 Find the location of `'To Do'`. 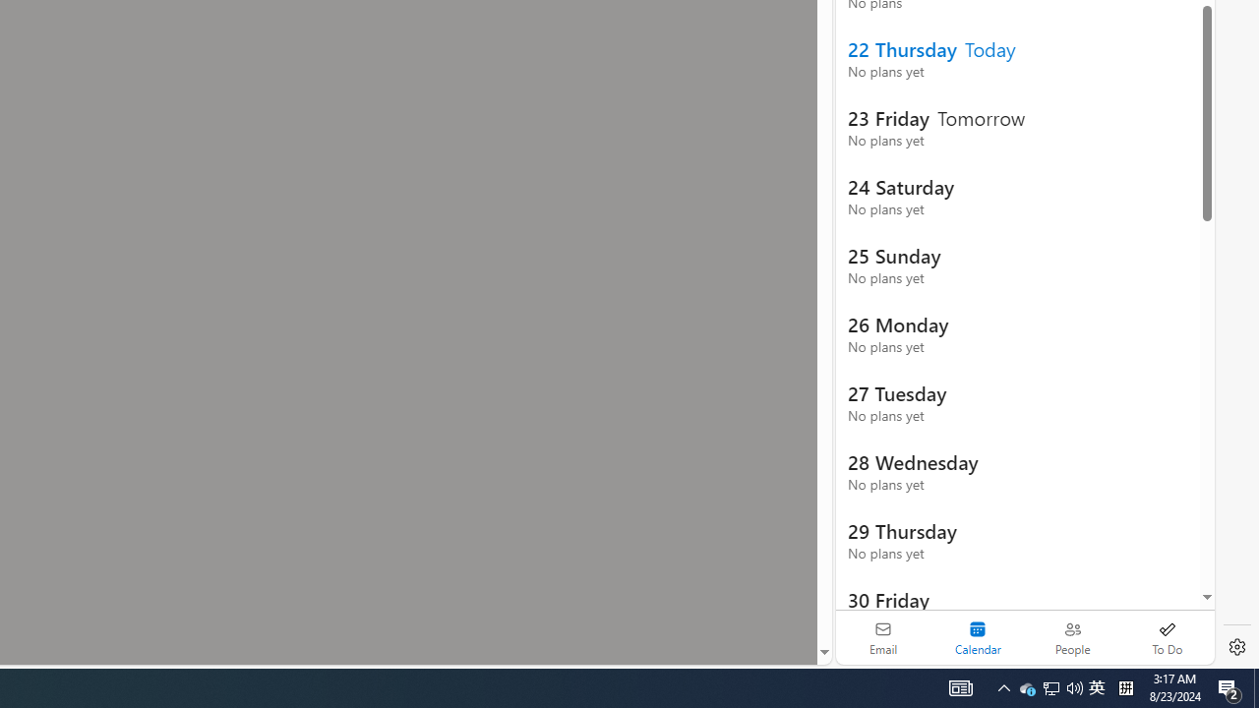

'To Do' is located at coordinates (1167, 637).